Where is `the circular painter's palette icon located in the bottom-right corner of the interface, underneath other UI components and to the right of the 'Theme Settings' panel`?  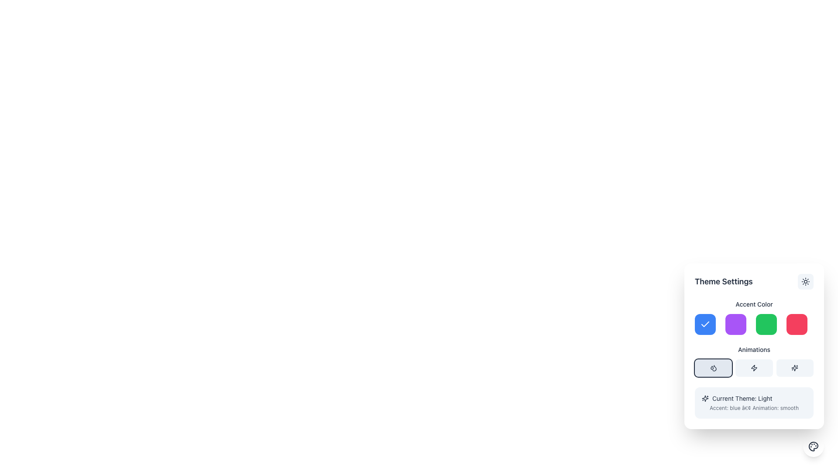 the circular painter's palette icon located in the bottom-right corner of the interface, underneath other UI components and to the right of the 'Theme Settings' panel is located at coordinates (813, 446).